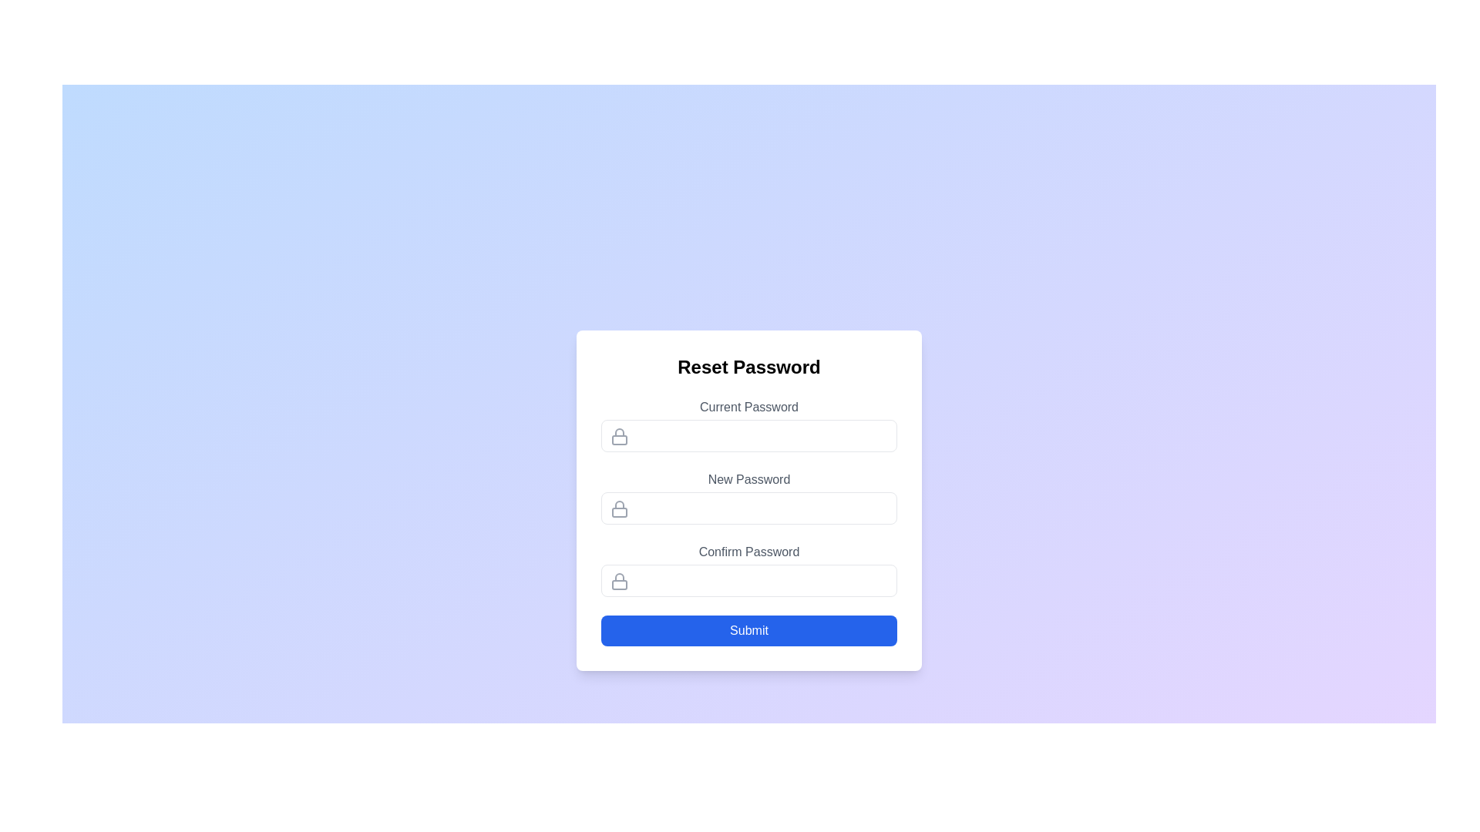 Image resolution: width=1480 pixels, height=832 pixels. What do you see at coordinates (748, 424) in the screenshot?
I see `the labeled text input field for the current password using the keyboard's tab key` at bounding box center [748, 424].